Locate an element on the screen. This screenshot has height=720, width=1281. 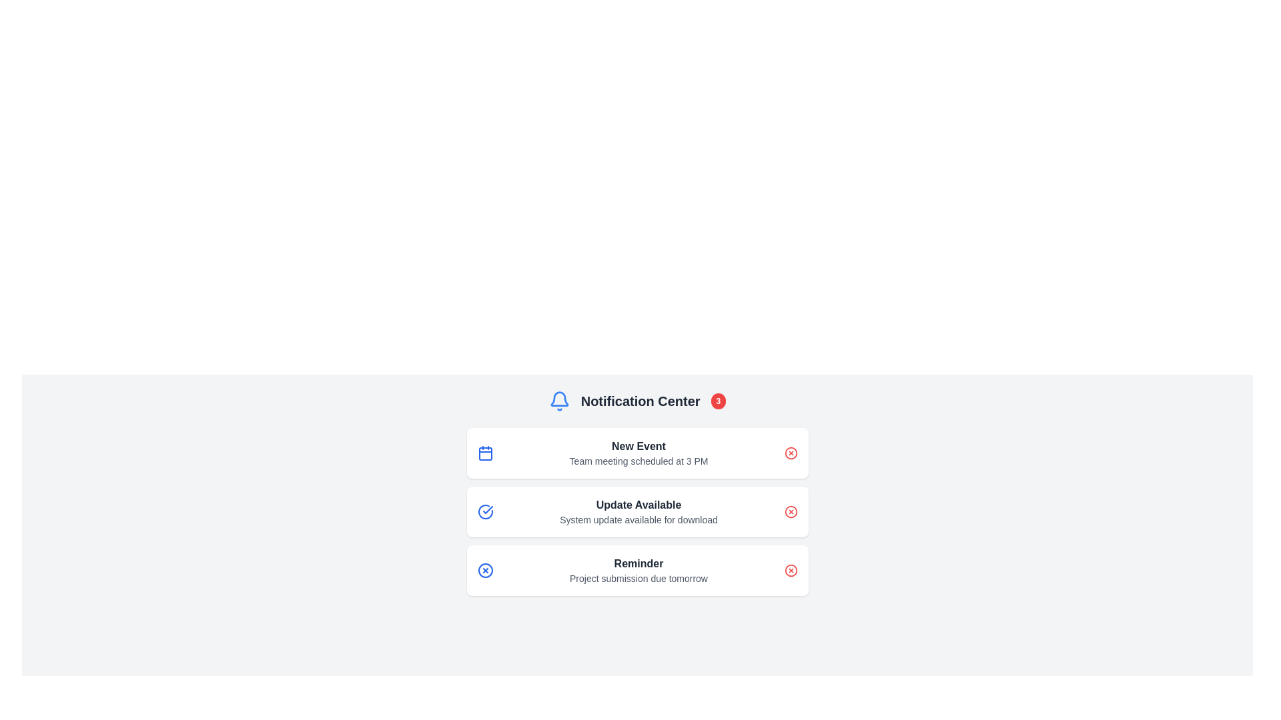
the text displaying 'Team meeting scheduled at 3 PM' for accessibility tools is located at coordinates (638, 460).